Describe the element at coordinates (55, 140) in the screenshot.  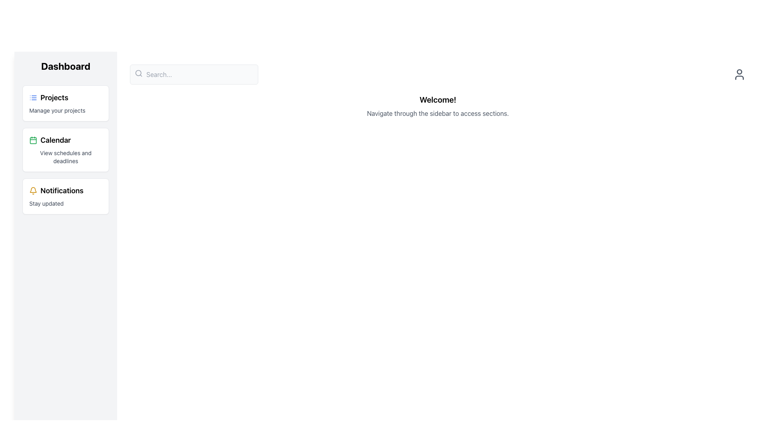
I see `the 'Calendar' navigation link in the sidebar menu` at that location.